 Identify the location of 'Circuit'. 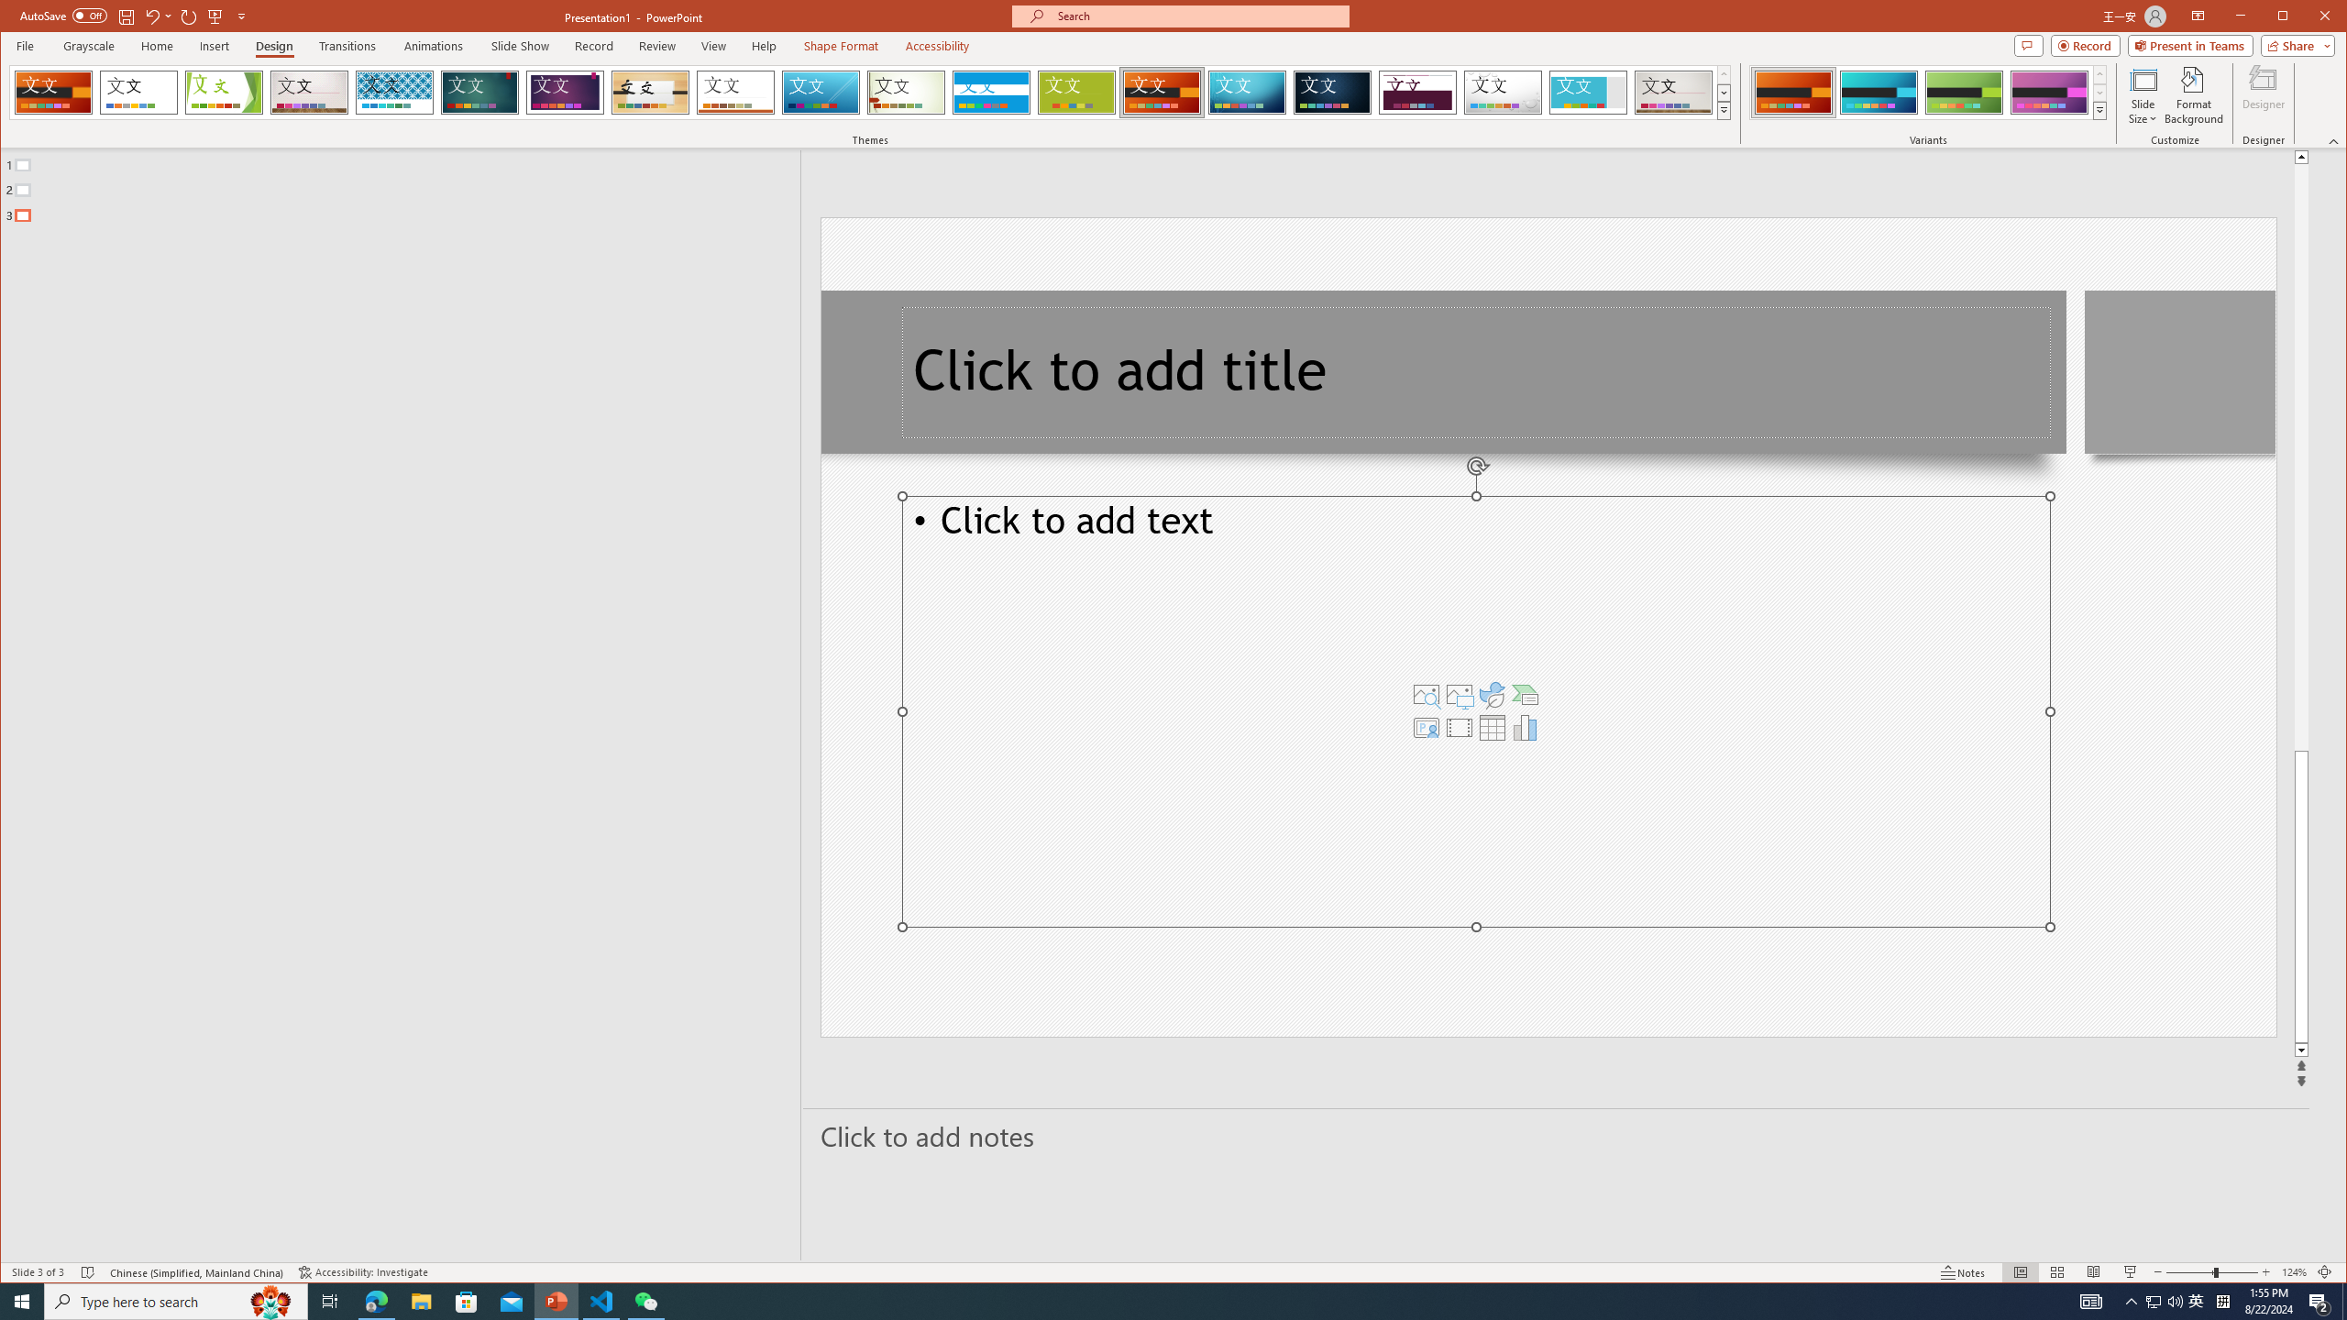
(1247, 92).